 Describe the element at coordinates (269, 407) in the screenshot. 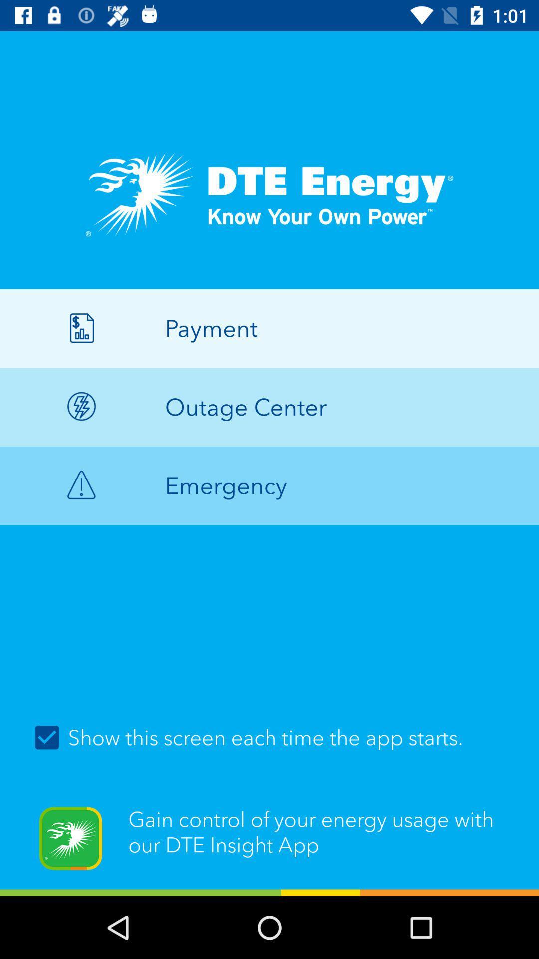

I see `outage center` at that location.